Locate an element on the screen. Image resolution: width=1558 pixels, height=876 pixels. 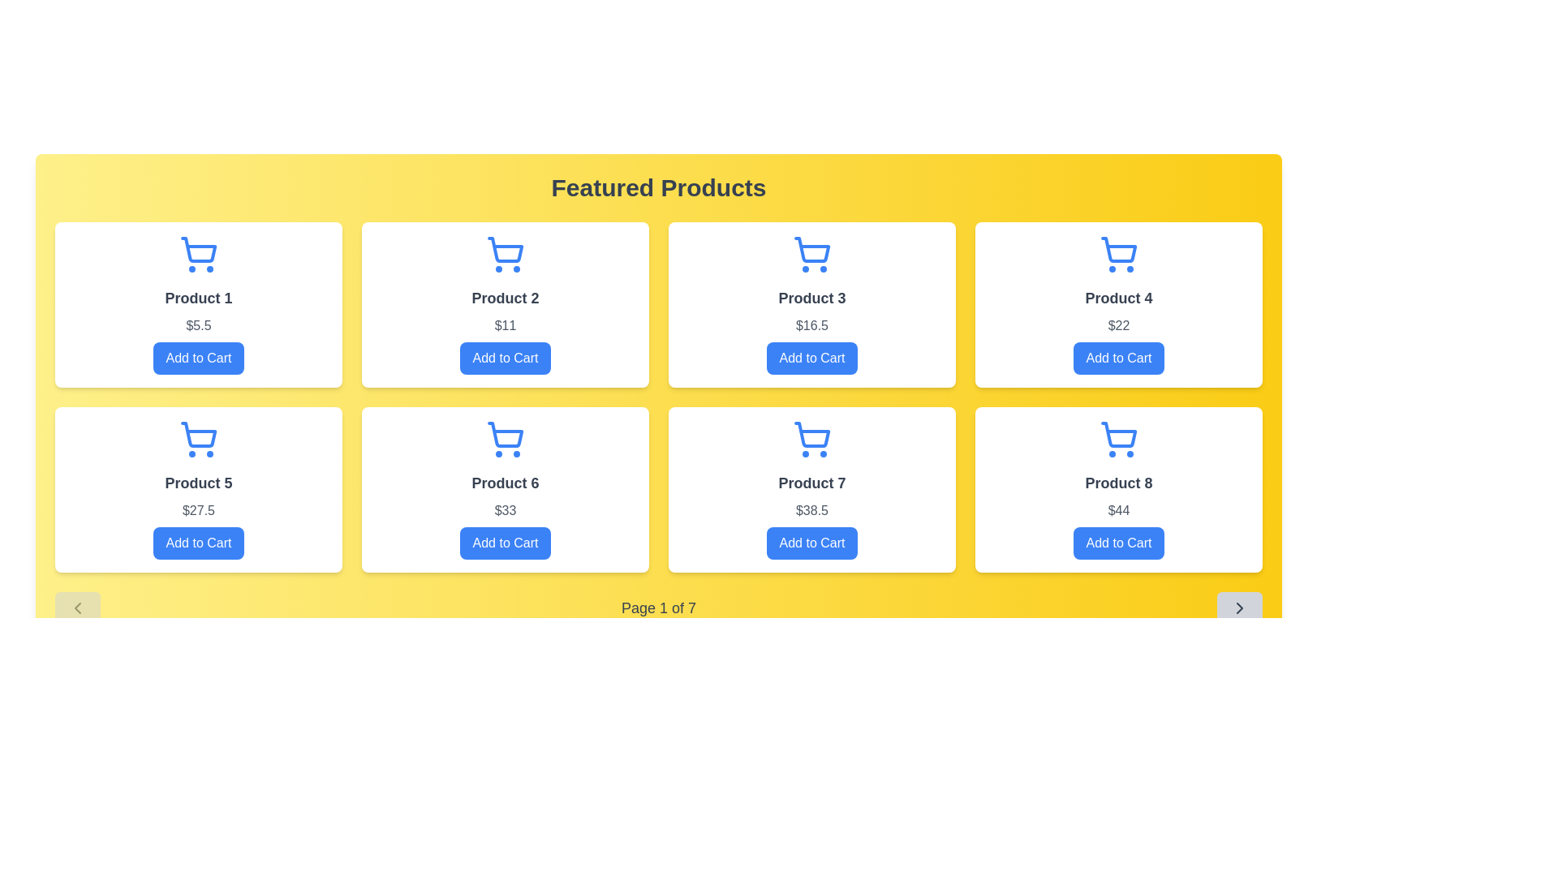
the blue stroke shopping cart icon associated with 'Product 6' in the second card of the second row is located at coordinates (505, 434).